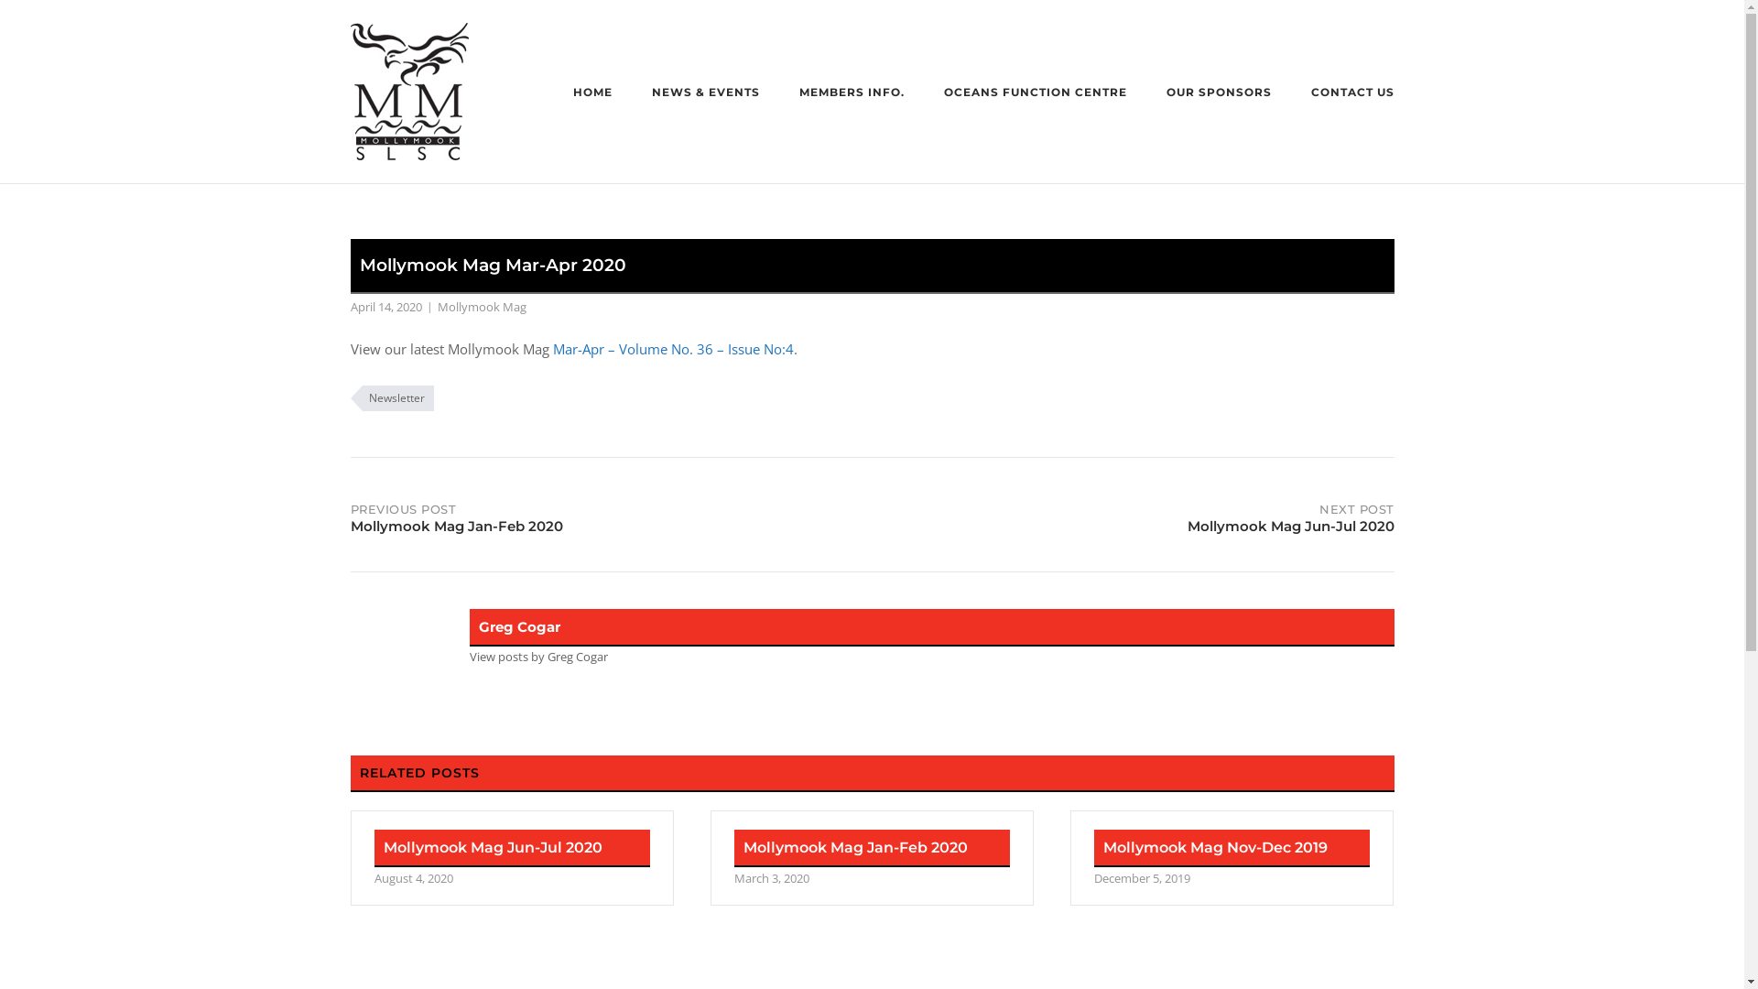 Image resolution: width=1758 pixels, height=989 pixels. Describe the element at coordinates (611, 515) in the screenshot. I see `'PREVIOUS POST` at that location.